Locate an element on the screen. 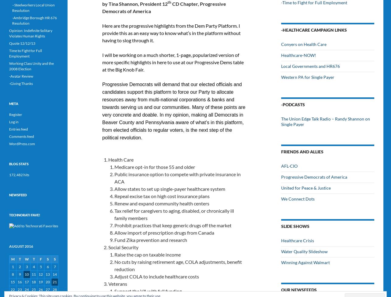 Image resolution: width=391 pixels, height=297 pixels. 'Working Class Unity and the 2008 Election' is located at coordinates (31, 65).